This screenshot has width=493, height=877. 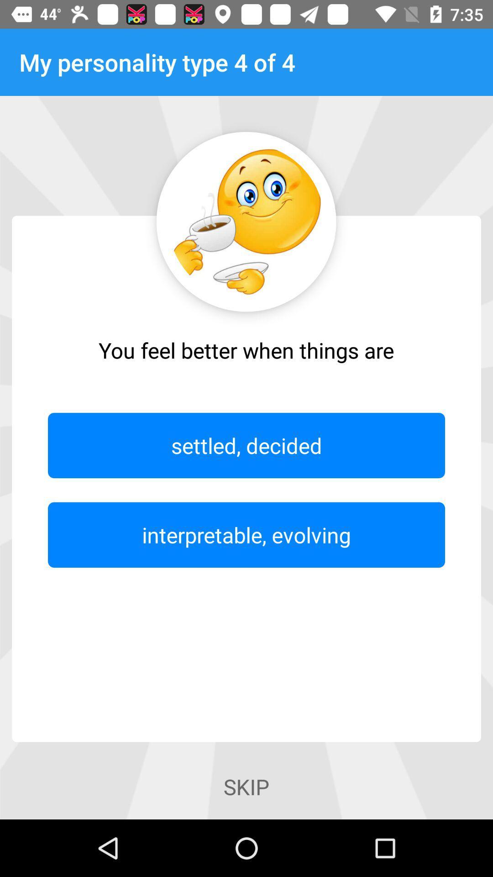 I want to click on interpretable, evolving item, so click(x=246, y=535).